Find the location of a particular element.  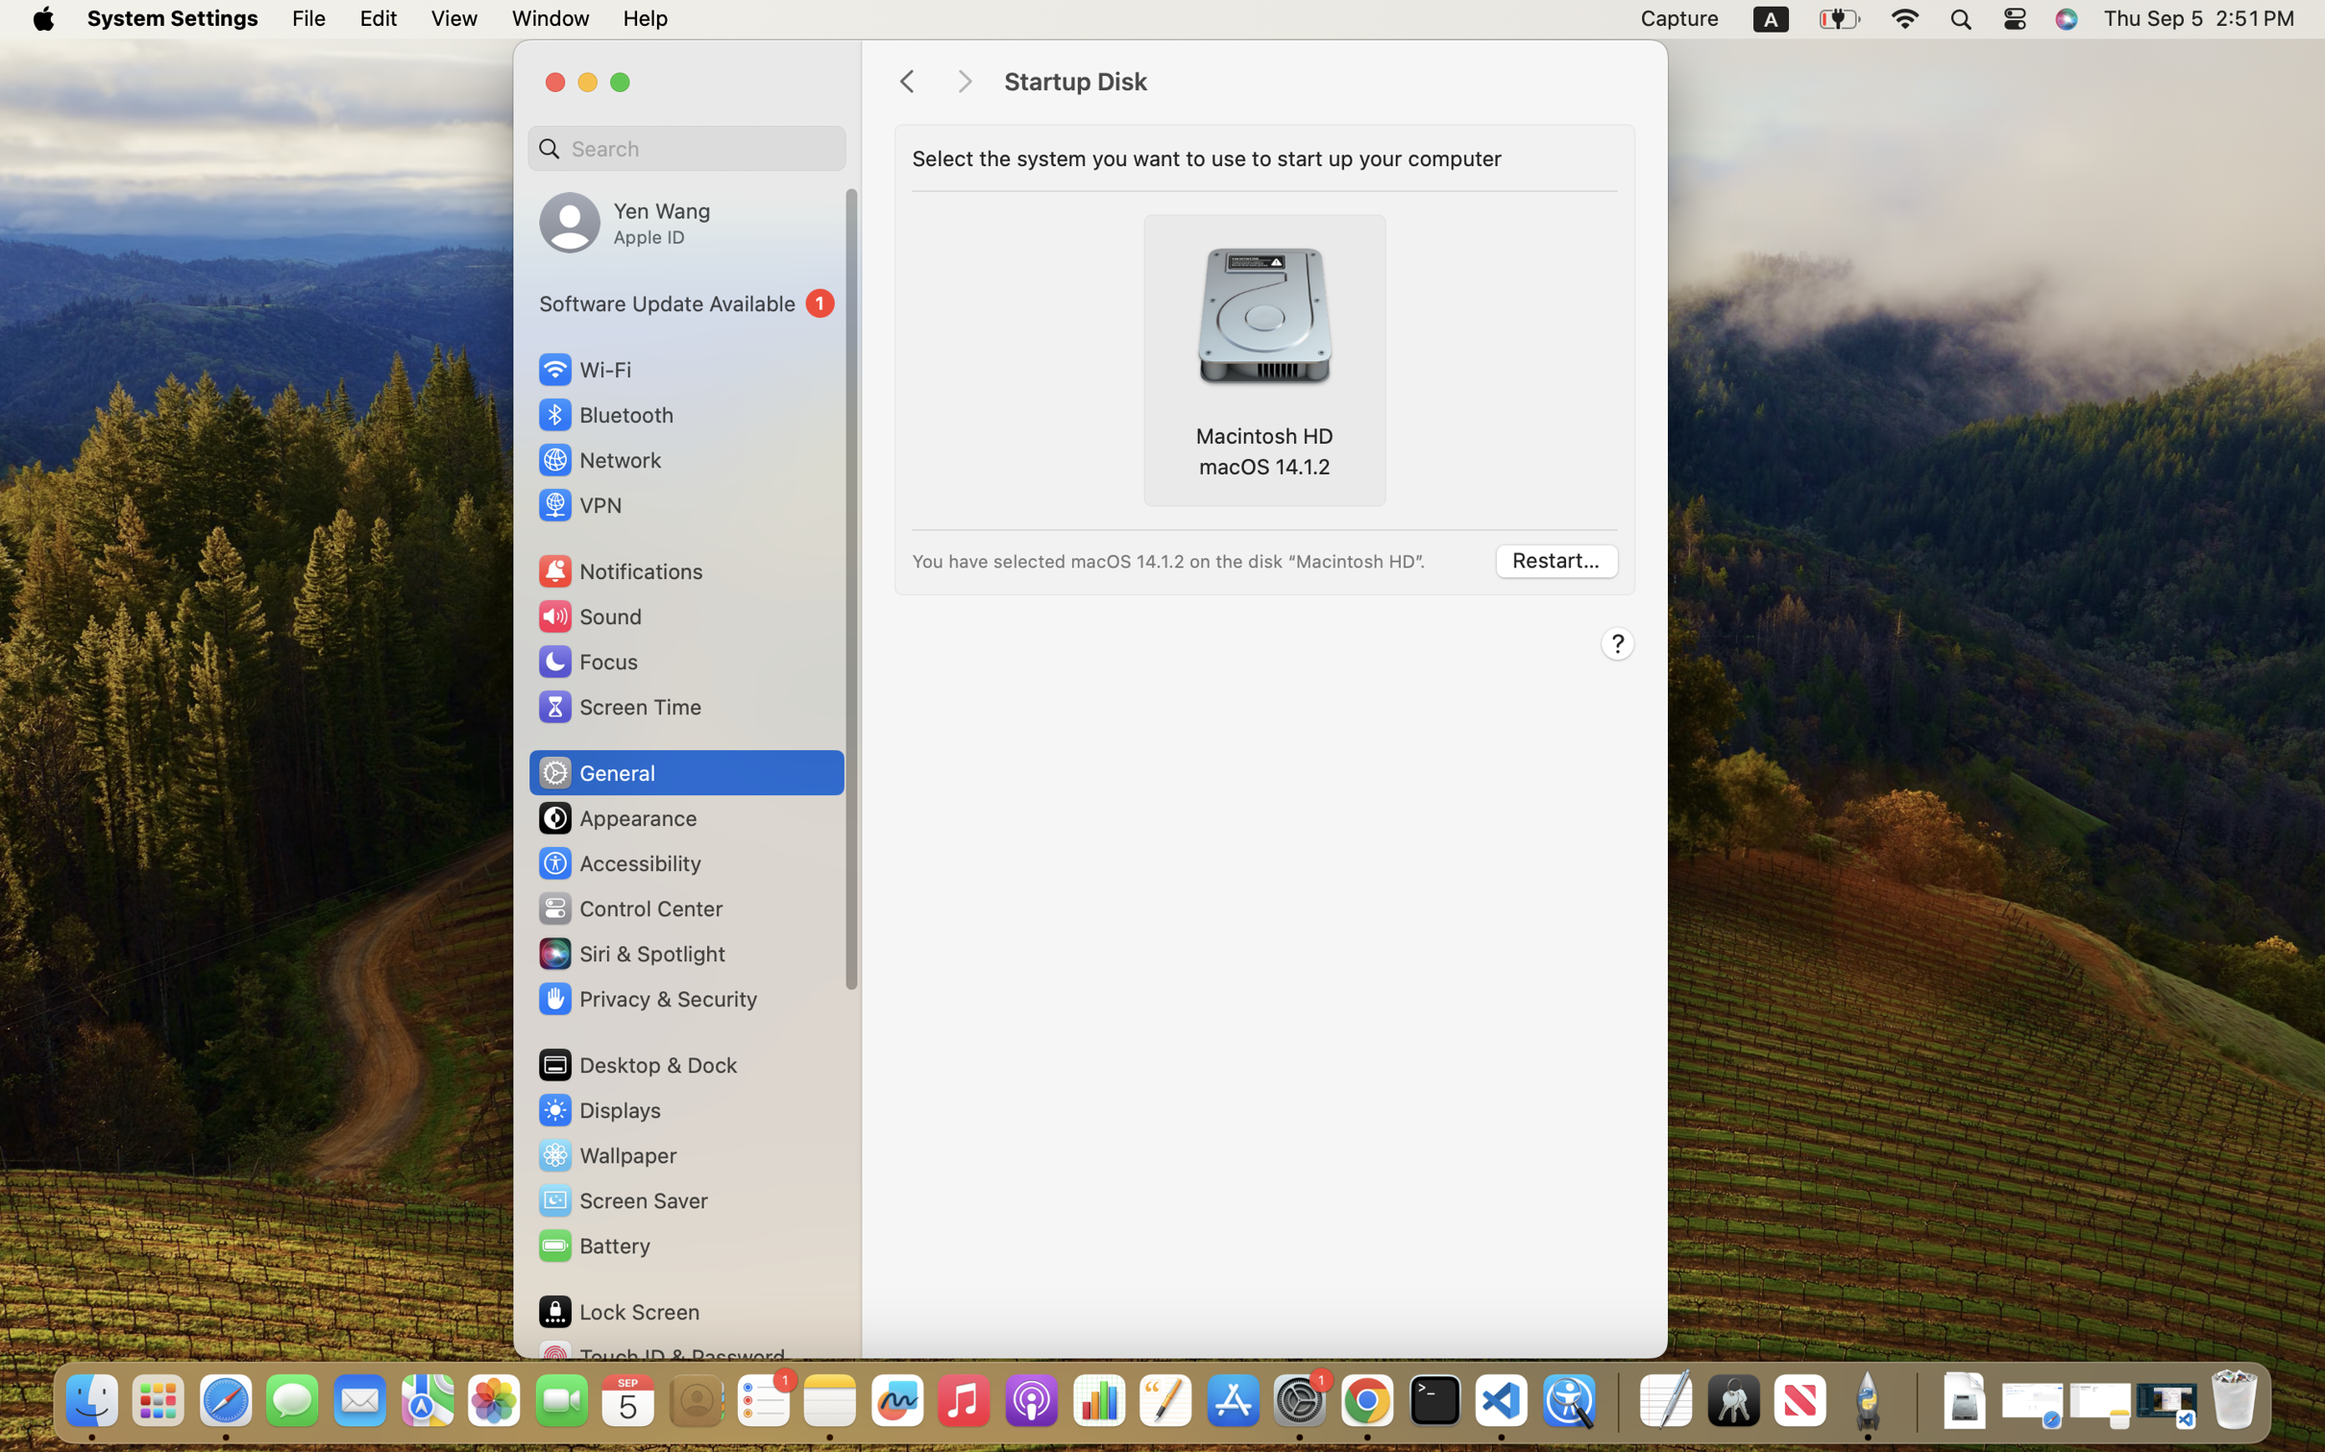

'Wallpaper' is located at coordinates (605, 1155).